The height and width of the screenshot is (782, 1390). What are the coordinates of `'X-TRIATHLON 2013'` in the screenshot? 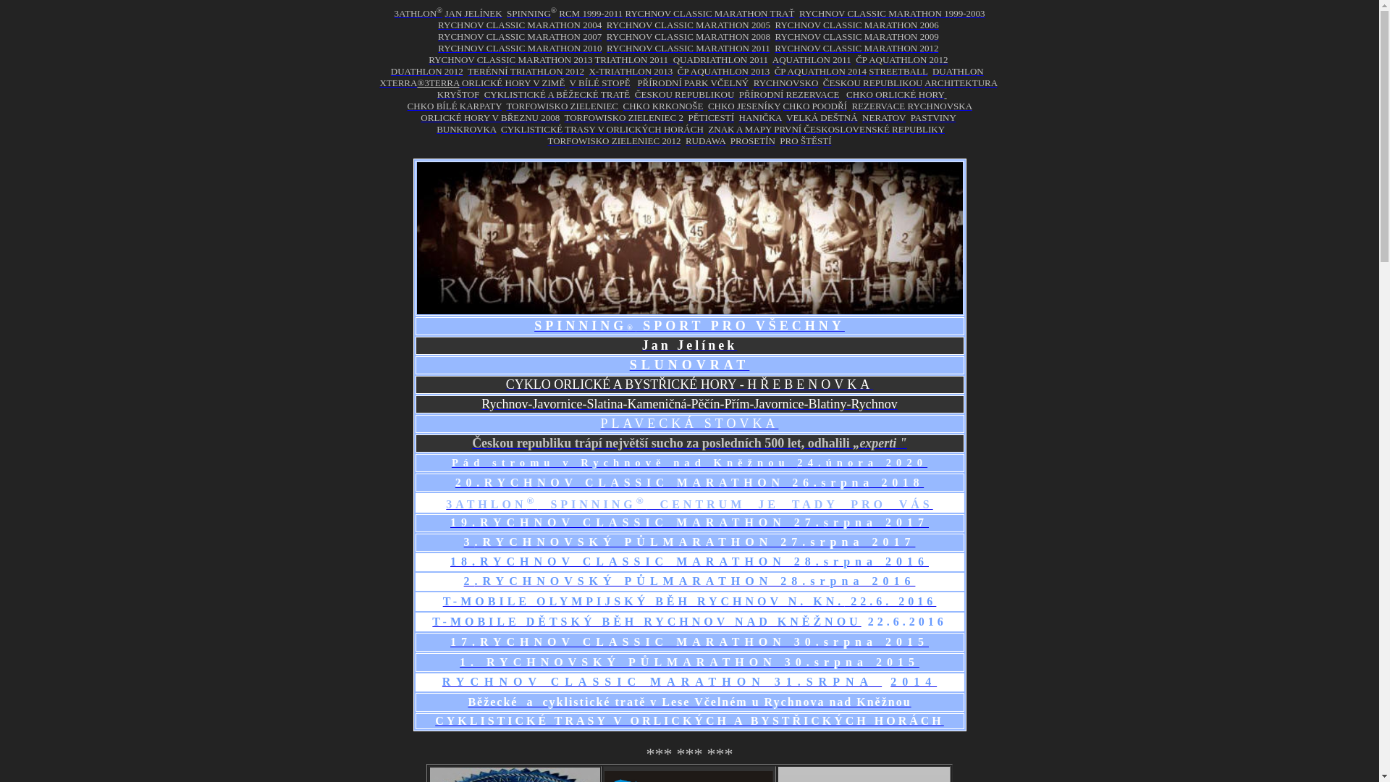 It's located at (630, 71).